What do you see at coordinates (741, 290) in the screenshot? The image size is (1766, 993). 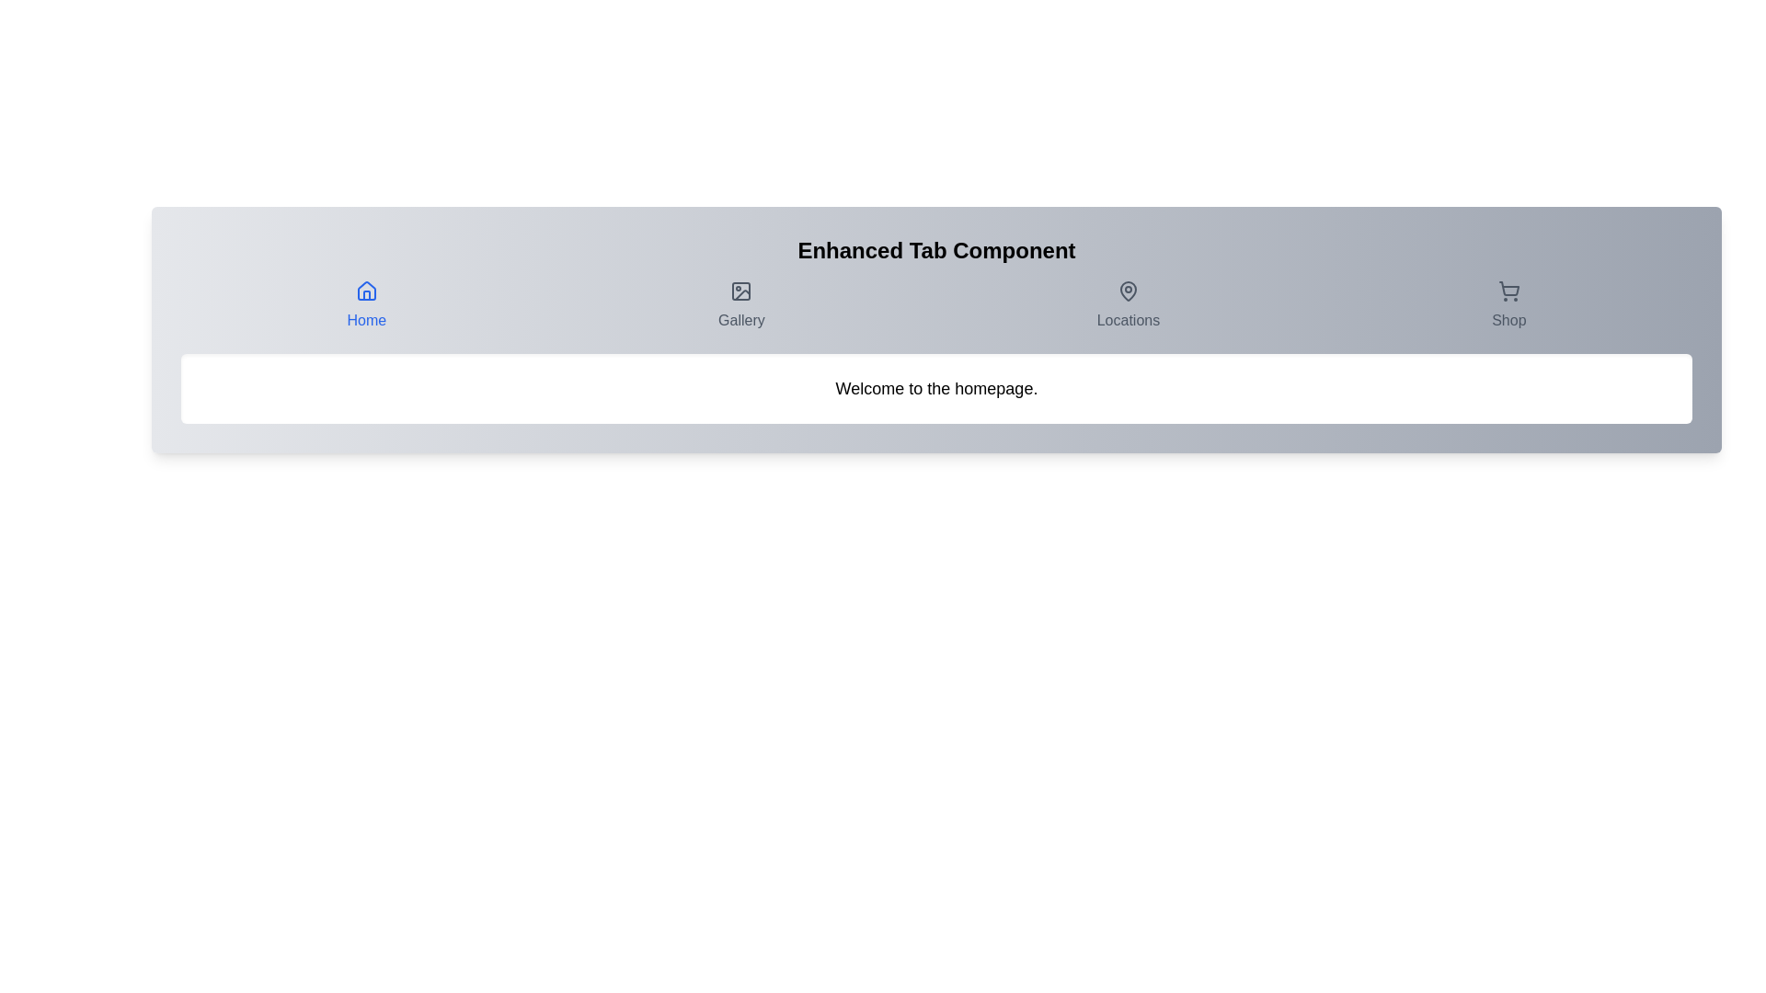 I see `the gallery icon located in the top navigation bar between the 'Home' and 'Locations' sections` at bounding box center [741, 290].